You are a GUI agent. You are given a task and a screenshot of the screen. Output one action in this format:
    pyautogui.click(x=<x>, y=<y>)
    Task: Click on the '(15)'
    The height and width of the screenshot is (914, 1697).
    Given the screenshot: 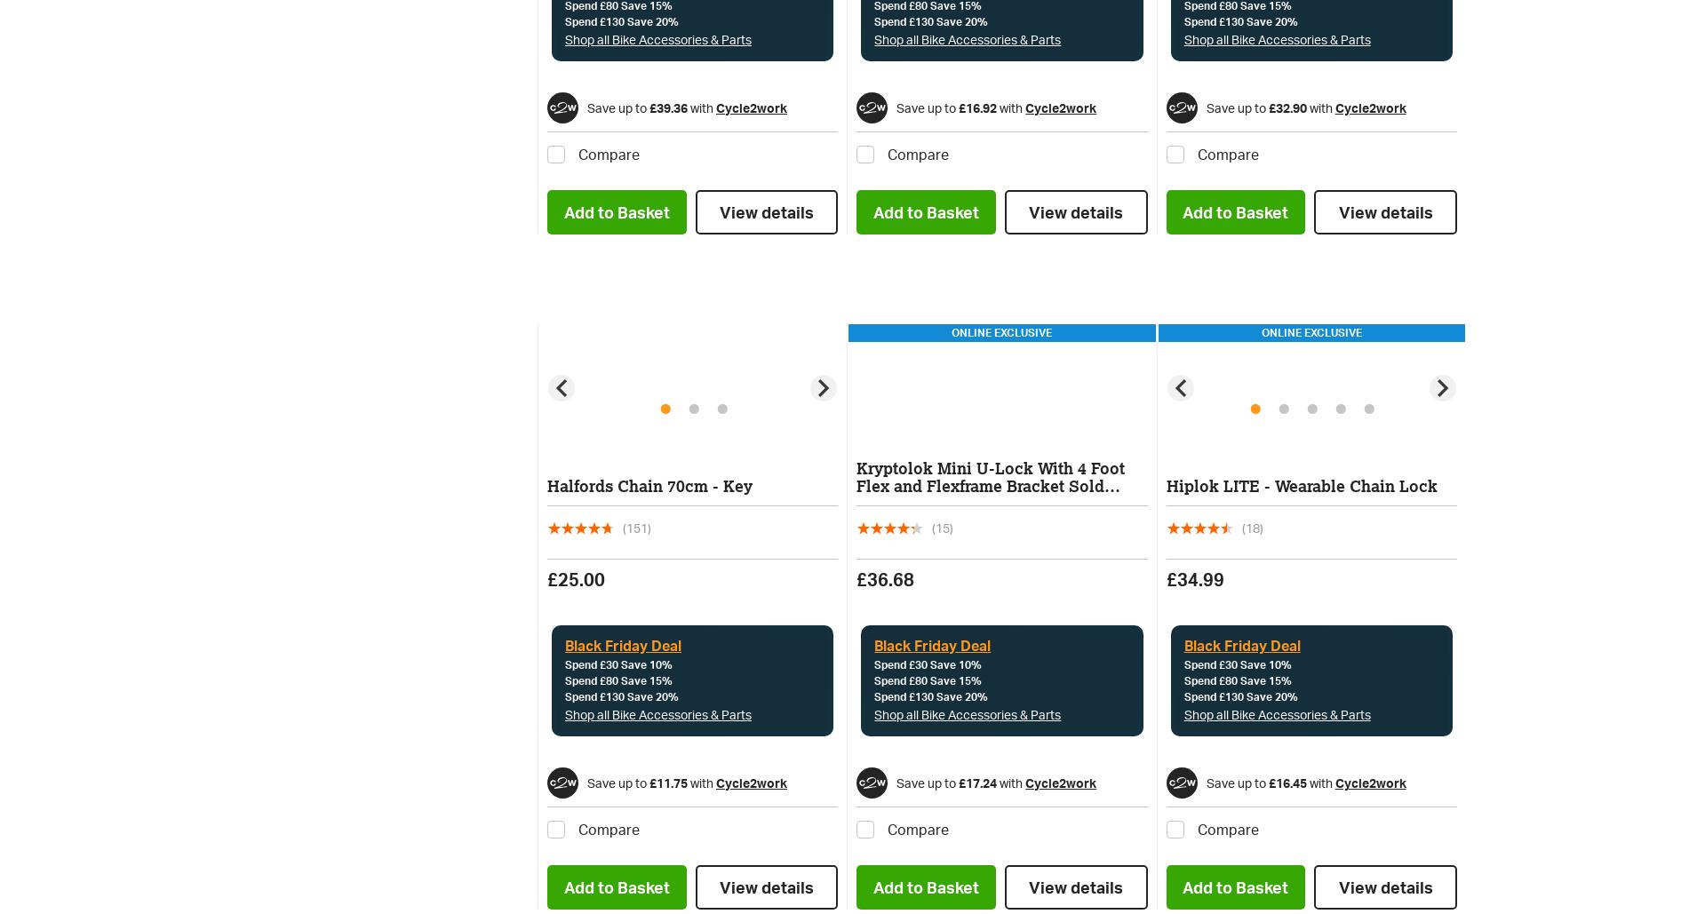 What is the action you would take?
    pyautogui.click(x=942, y=527)
    